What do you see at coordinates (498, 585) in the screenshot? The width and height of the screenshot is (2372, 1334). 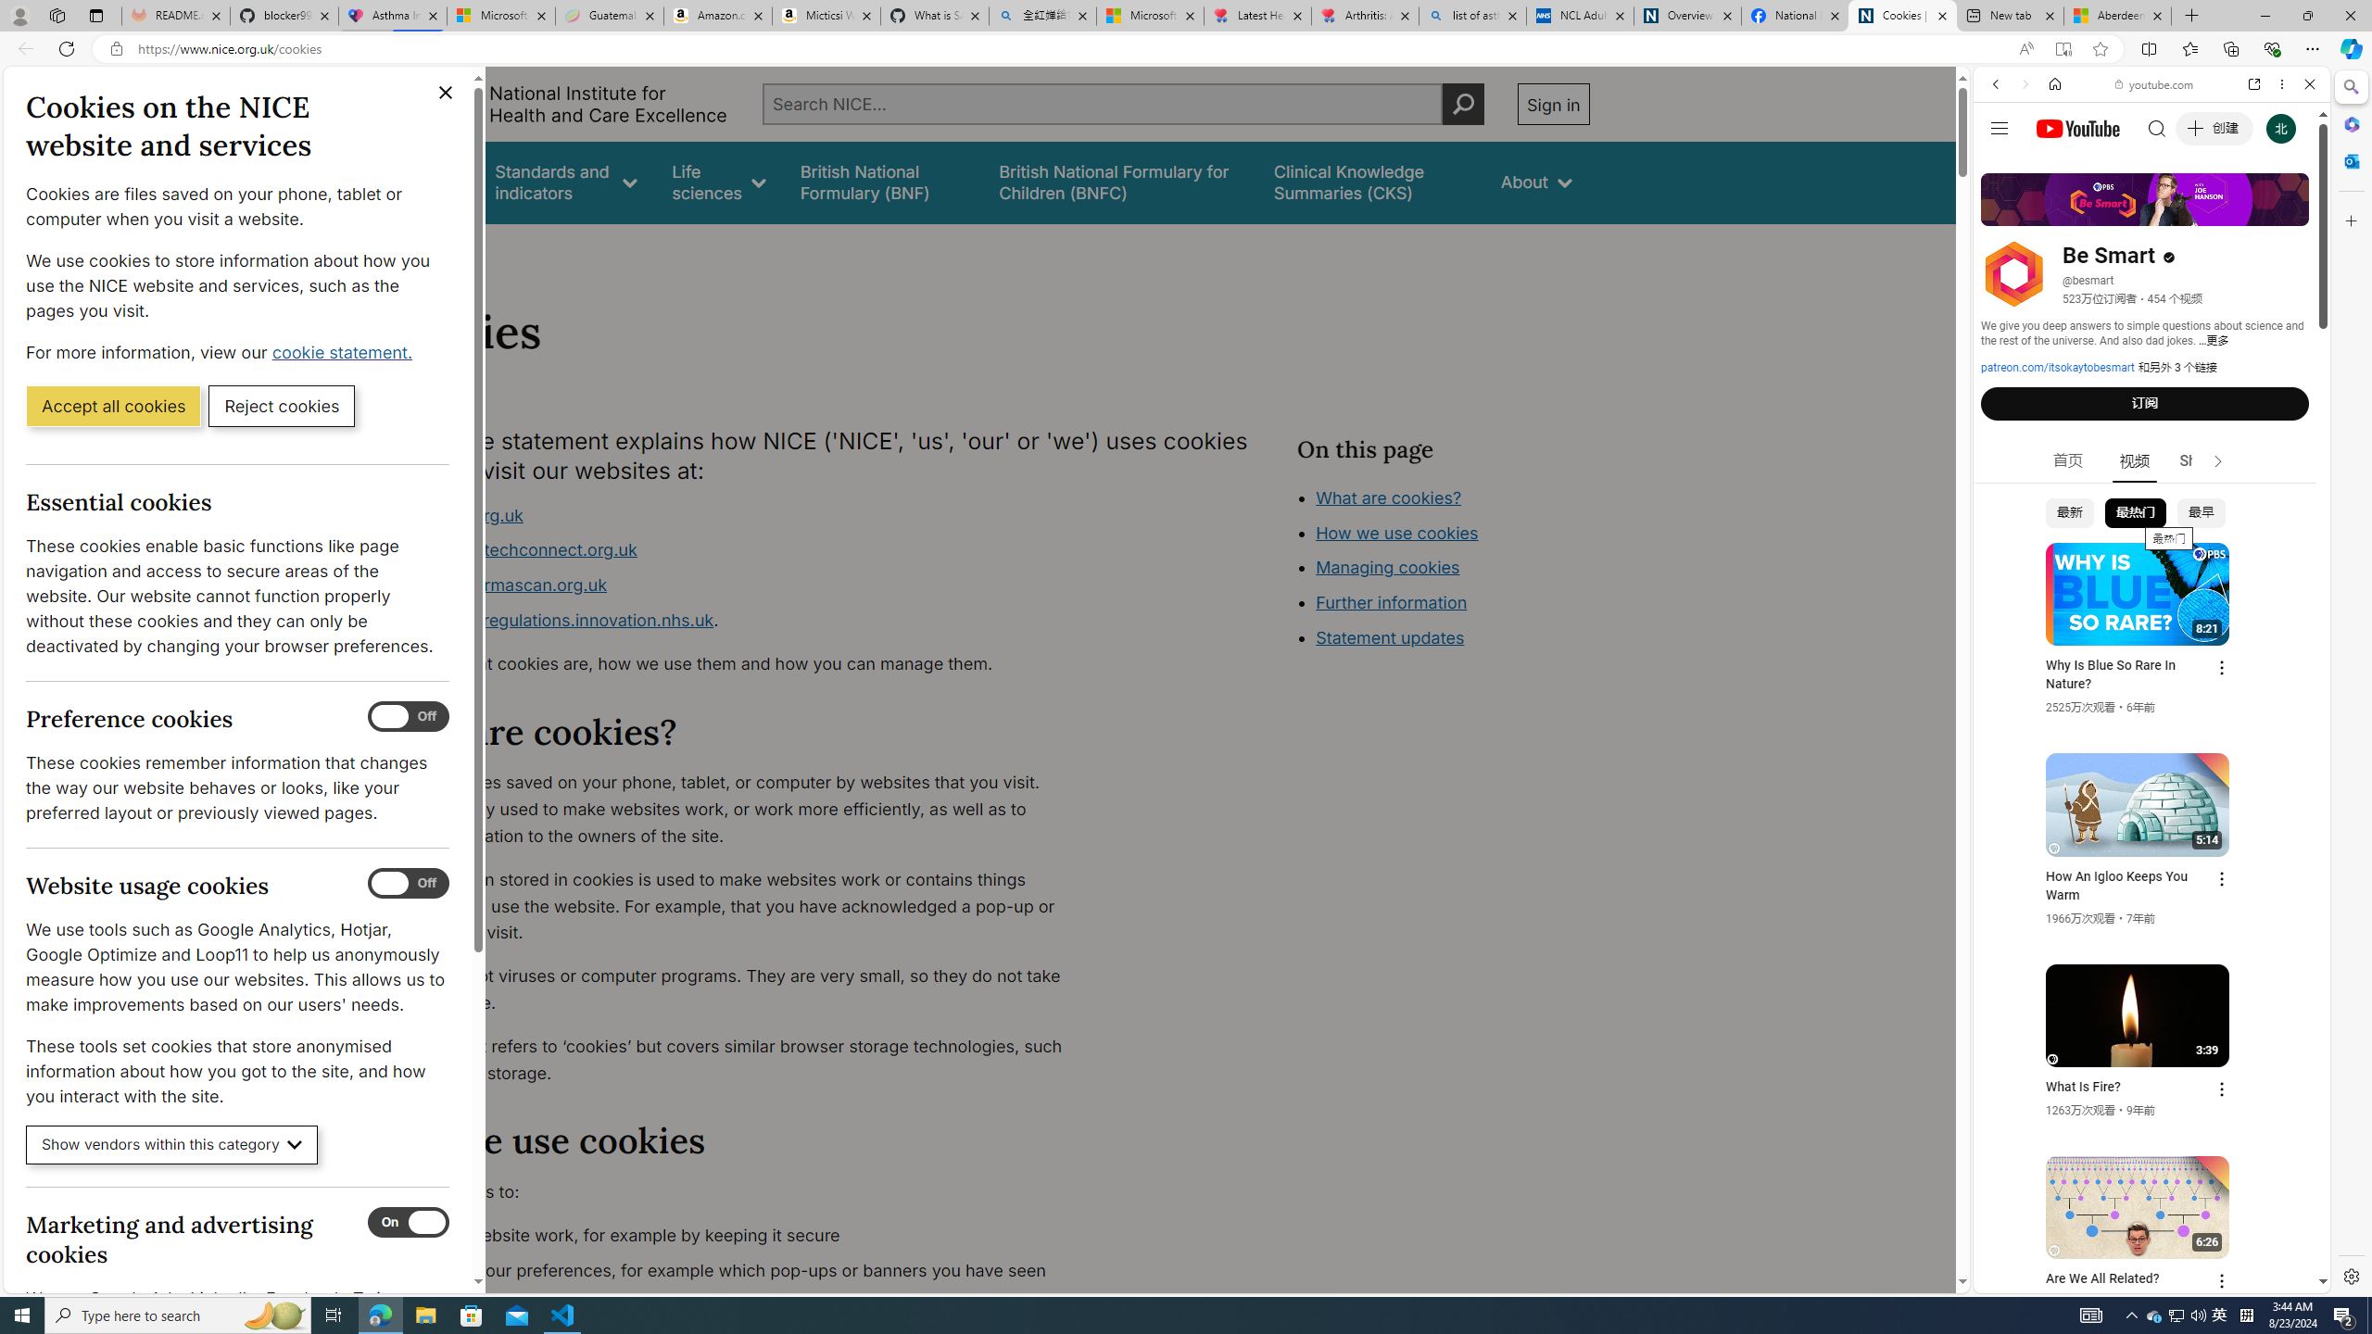 I see `'www.ukpharmascan.org.uk'` at bounding box center [498, 585].